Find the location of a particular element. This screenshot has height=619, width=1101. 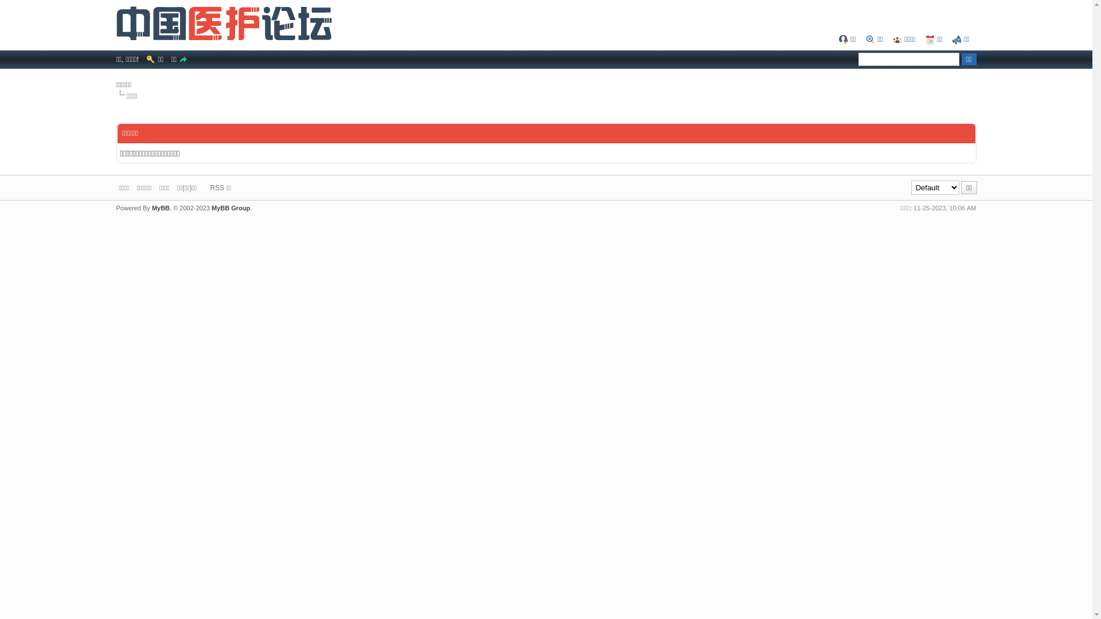

'MyBB Group' is located at coordinates (230, 207).